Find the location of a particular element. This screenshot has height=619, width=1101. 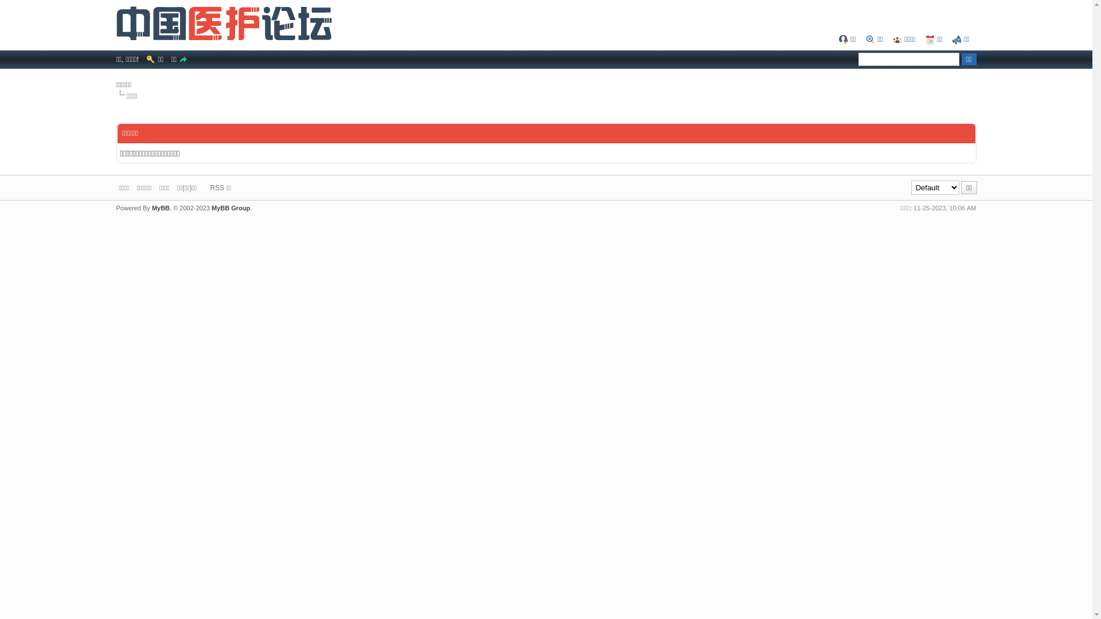

'MyBB Group' is located at coordinates (230, 207).